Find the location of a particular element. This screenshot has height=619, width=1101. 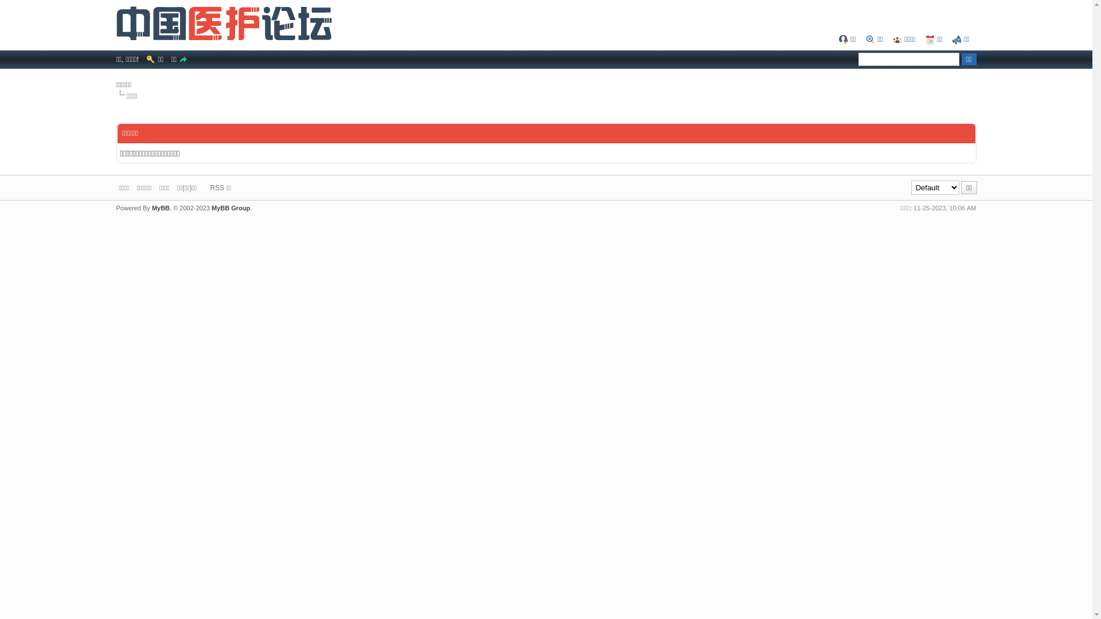

'MyBB Group' is located at coordinates (230, 207).